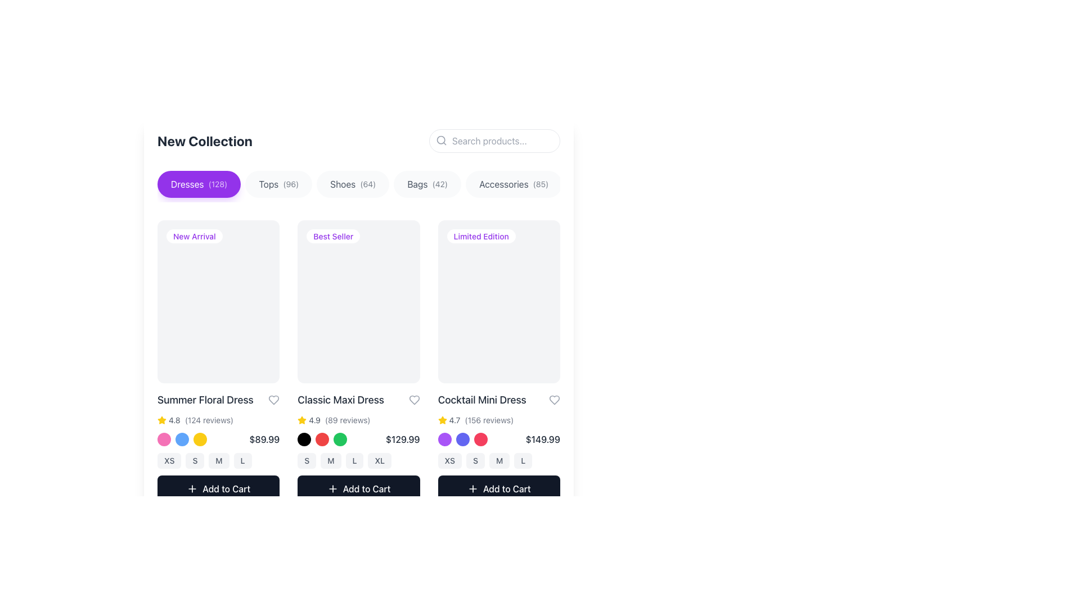 This screenshot has height=607, width=1080. Describe the element at coordinates (358, 420) in the screenshot. I see `the rating score '4.9' and review count '(89 reviews)' displayed beneath the text 'Classic Maxi Dress' in the product card layout` at that location.